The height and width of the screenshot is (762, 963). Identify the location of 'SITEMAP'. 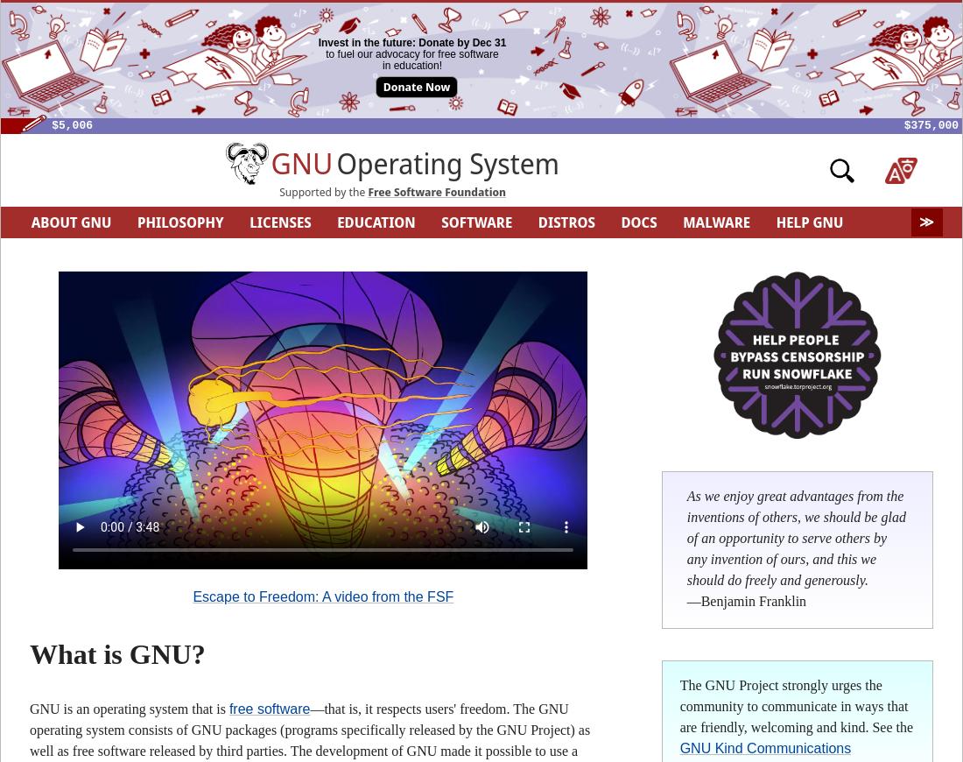
(687, 253).